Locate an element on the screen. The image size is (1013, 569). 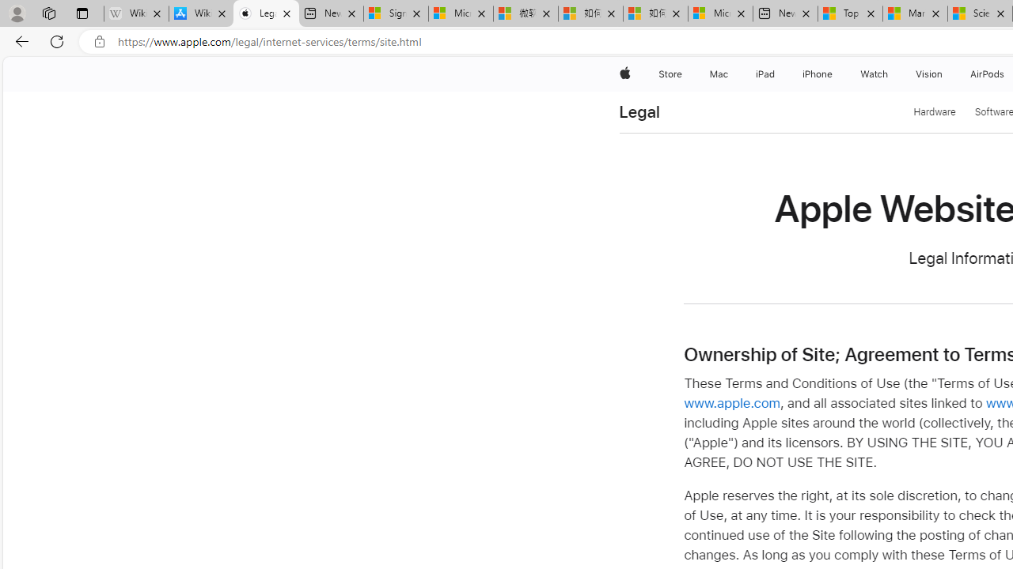
'Vision' is located at coordinates (930, 73).